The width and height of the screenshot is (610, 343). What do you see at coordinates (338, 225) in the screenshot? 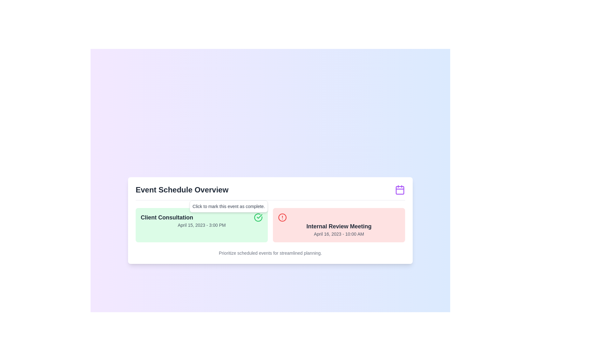
I see `information from the card displaying 'Internal Review Meeting' with a light red background, located in the second column of the grid` at bounding box center [338, 225].